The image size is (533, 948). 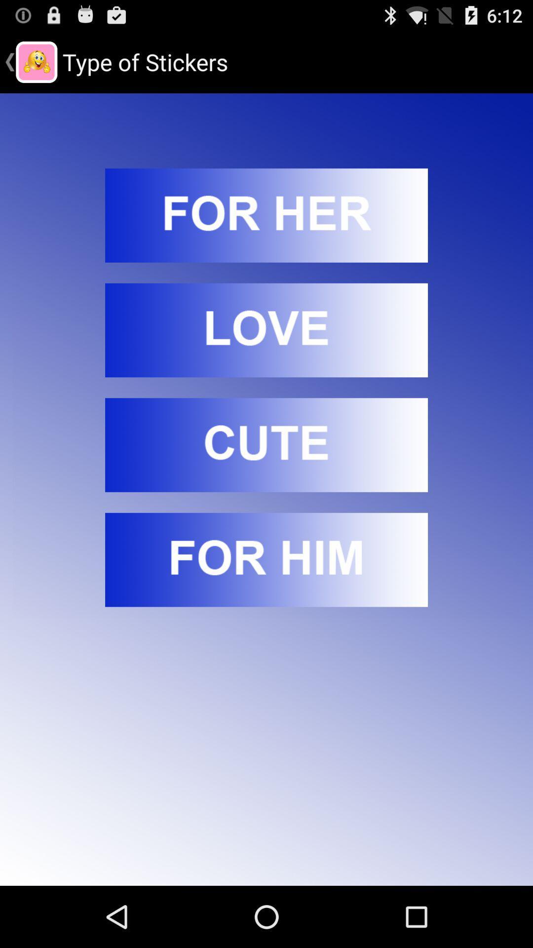 What do you see at coordinates (266, 444) in the screenshot?
I see `cute stickers` at bounding box center [266, 444].